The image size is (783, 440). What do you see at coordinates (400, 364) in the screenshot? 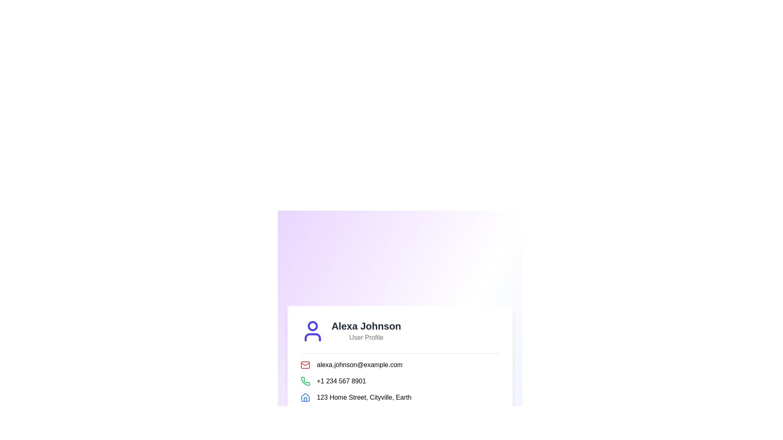
I see `the email address element displayed under the heading 'Alexa Johnson', which is the first entry in the vertical list of contact details` at bounding box center [400, 364].